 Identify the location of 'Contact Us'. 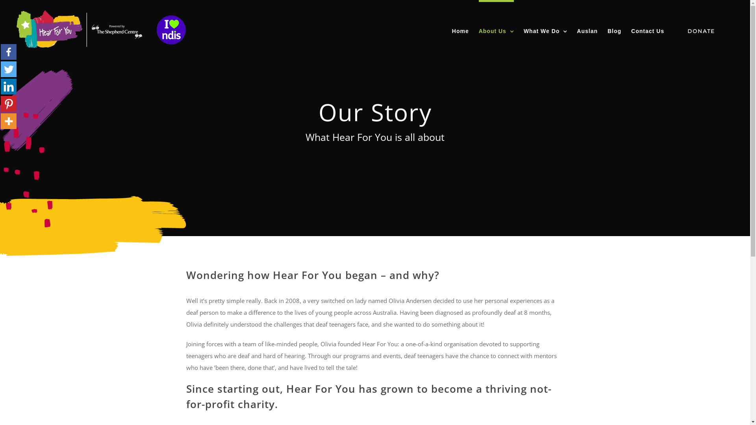
(648, 30).